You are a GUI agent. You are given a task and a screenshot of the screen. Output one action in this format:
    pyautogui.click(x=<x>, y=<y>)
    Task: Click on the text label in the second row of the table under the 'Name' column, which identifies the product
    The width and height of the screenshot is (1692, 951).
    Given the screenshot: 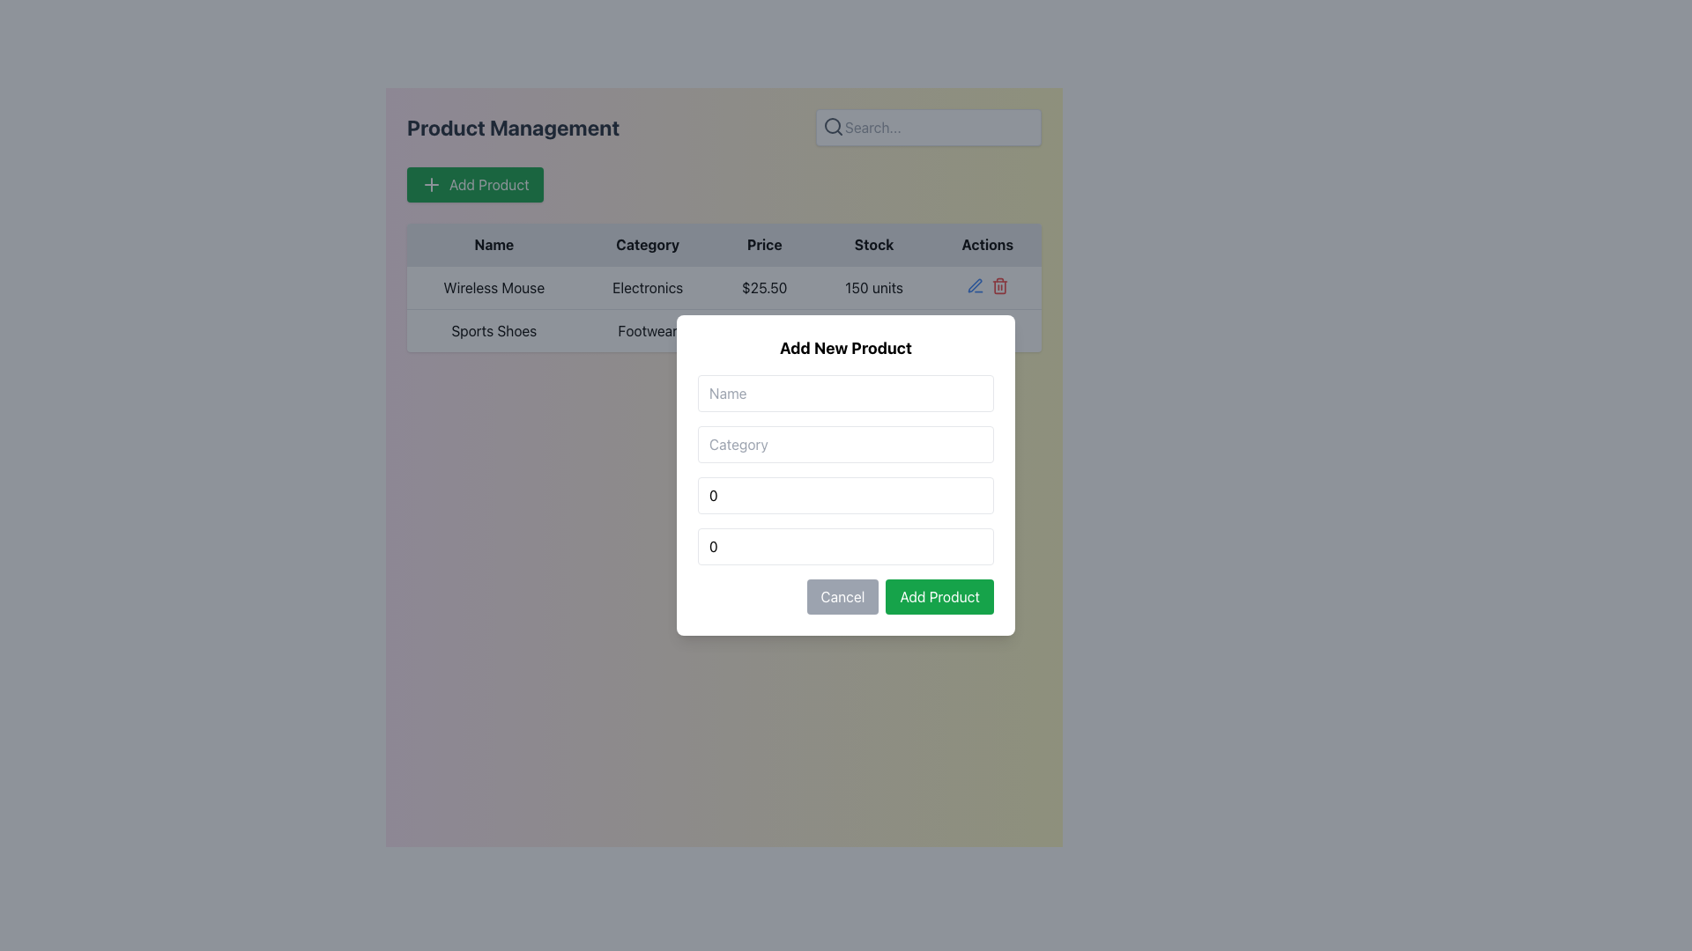 What is the action you would take?
    pyautogui.click(x=493, y=330)
    